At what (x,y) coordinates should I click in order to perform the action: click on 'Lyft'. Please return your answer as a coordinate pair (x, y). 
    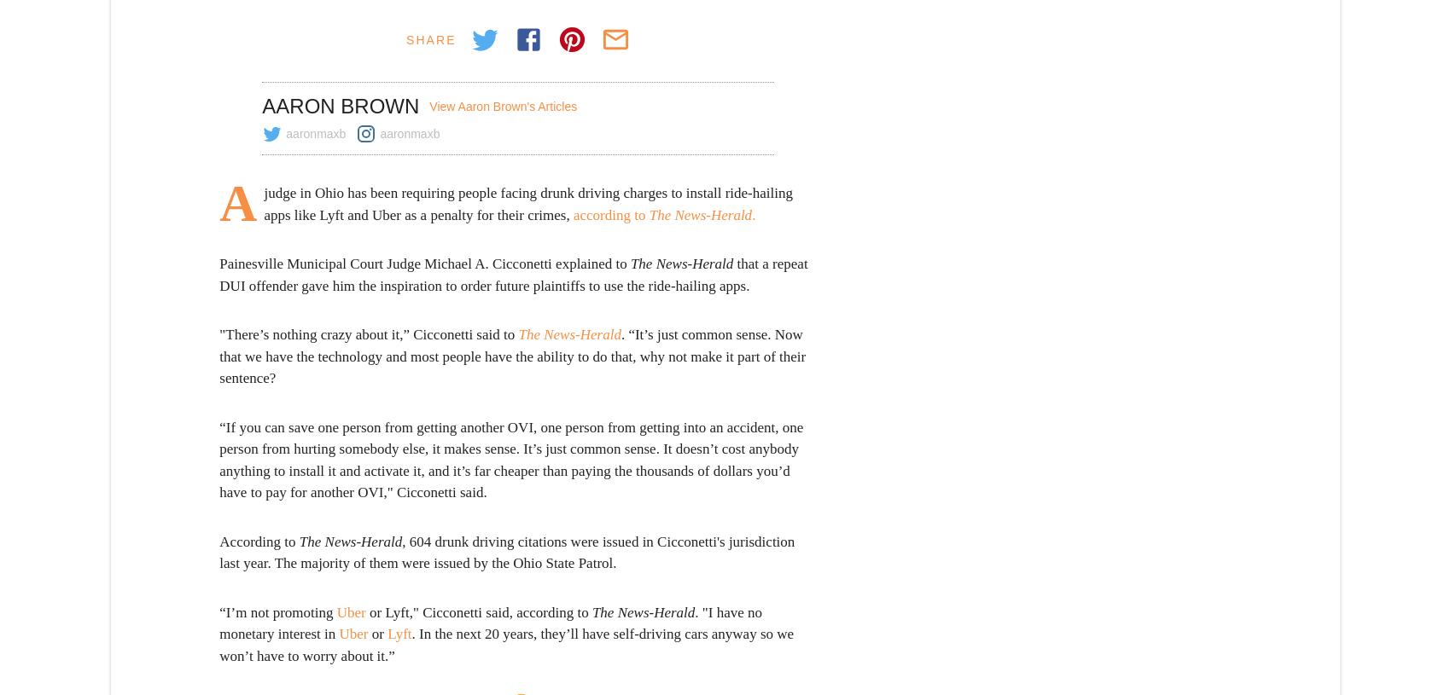
    Looking at the image, I should click on (388, 634).